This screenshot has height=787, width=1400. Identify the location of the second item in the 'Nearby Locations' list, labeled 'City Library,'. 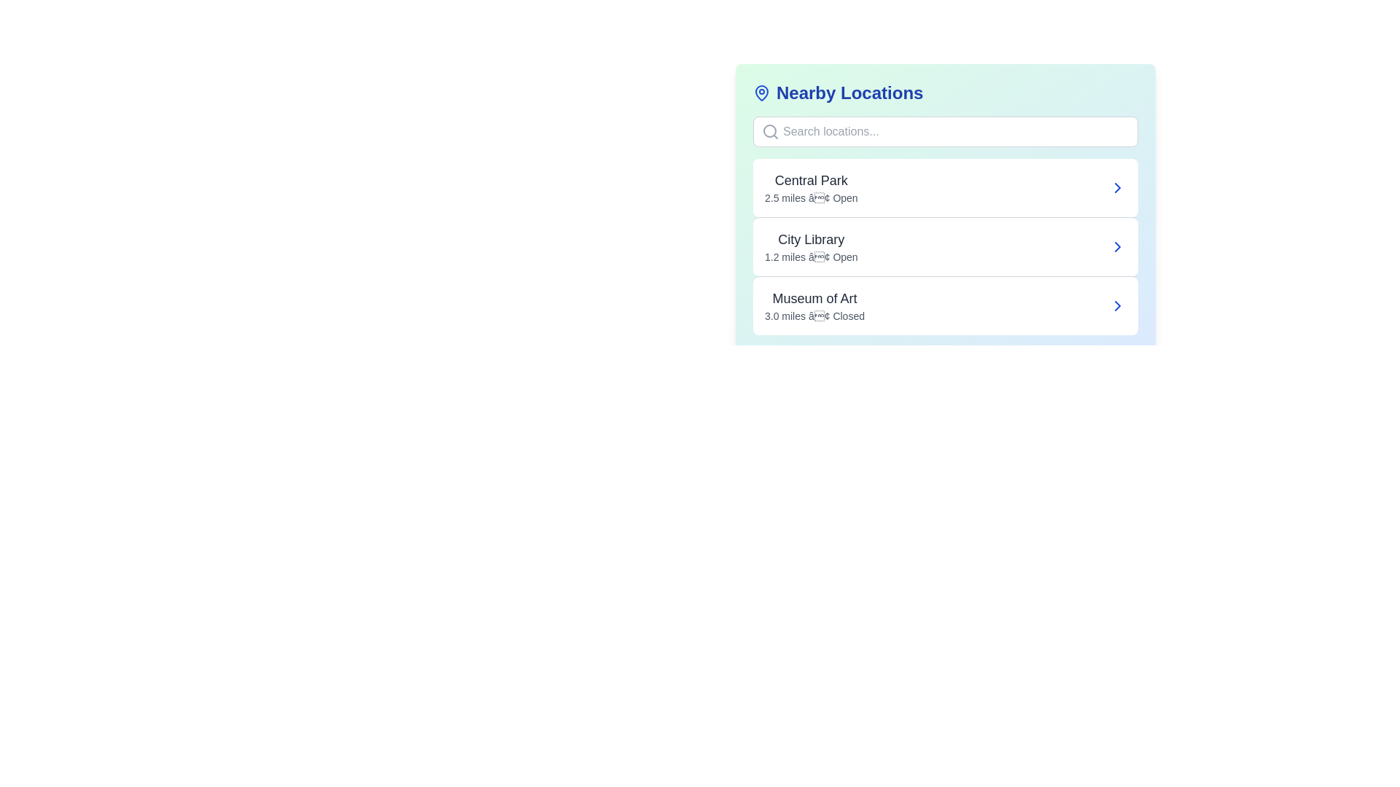
(945, 246).